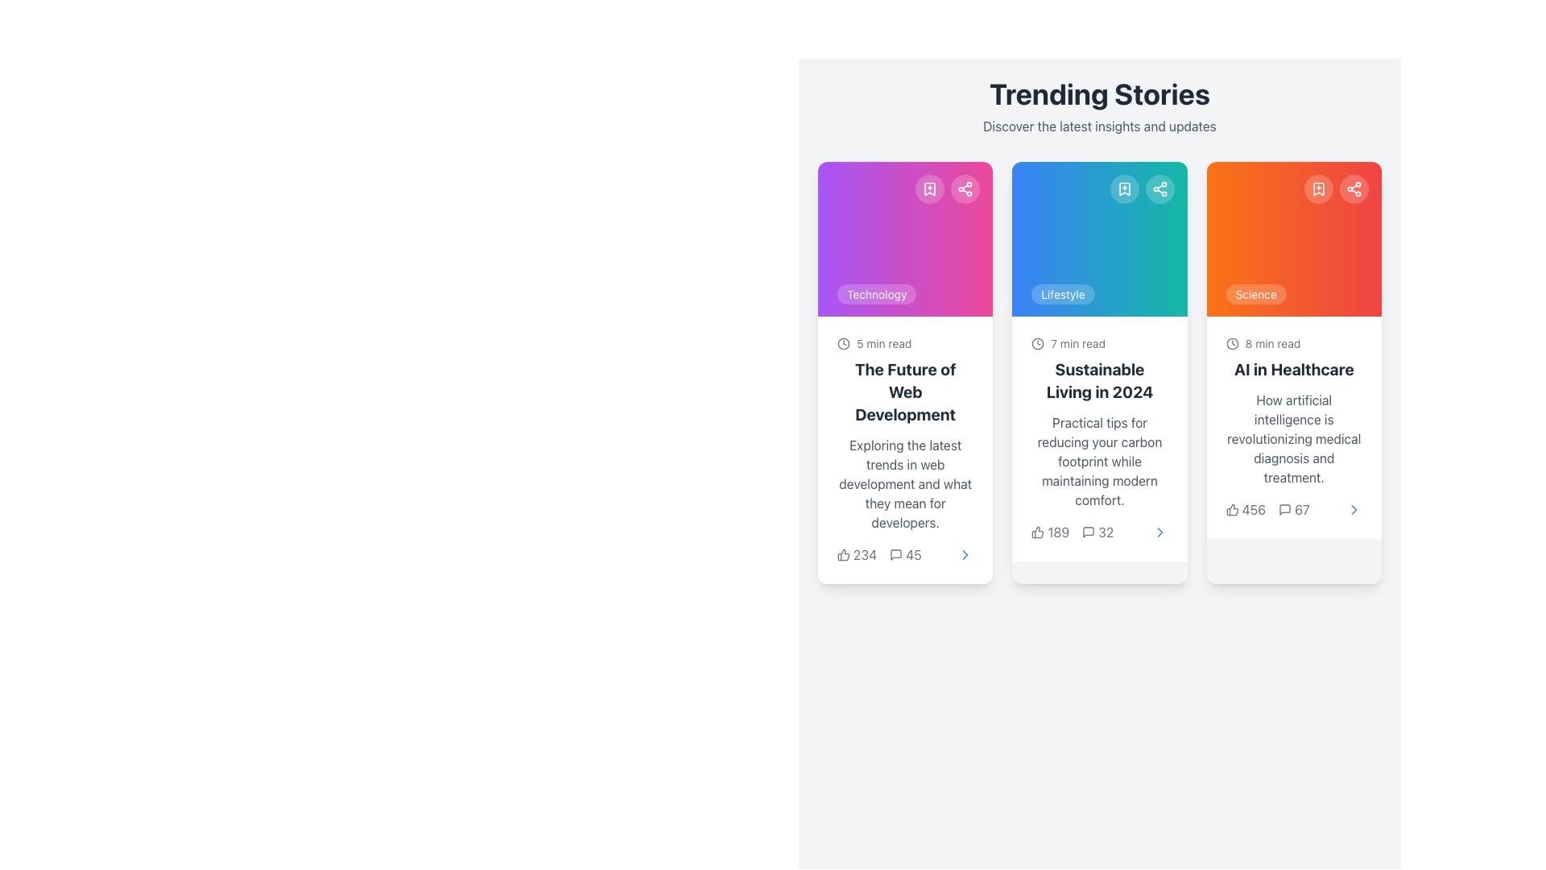 The height and width of the screenshot is (870, 1546). I want to click on the Static Text element that serves as a descriptive subtitle under the heading 'Trending Stories', so click(1099, 126).